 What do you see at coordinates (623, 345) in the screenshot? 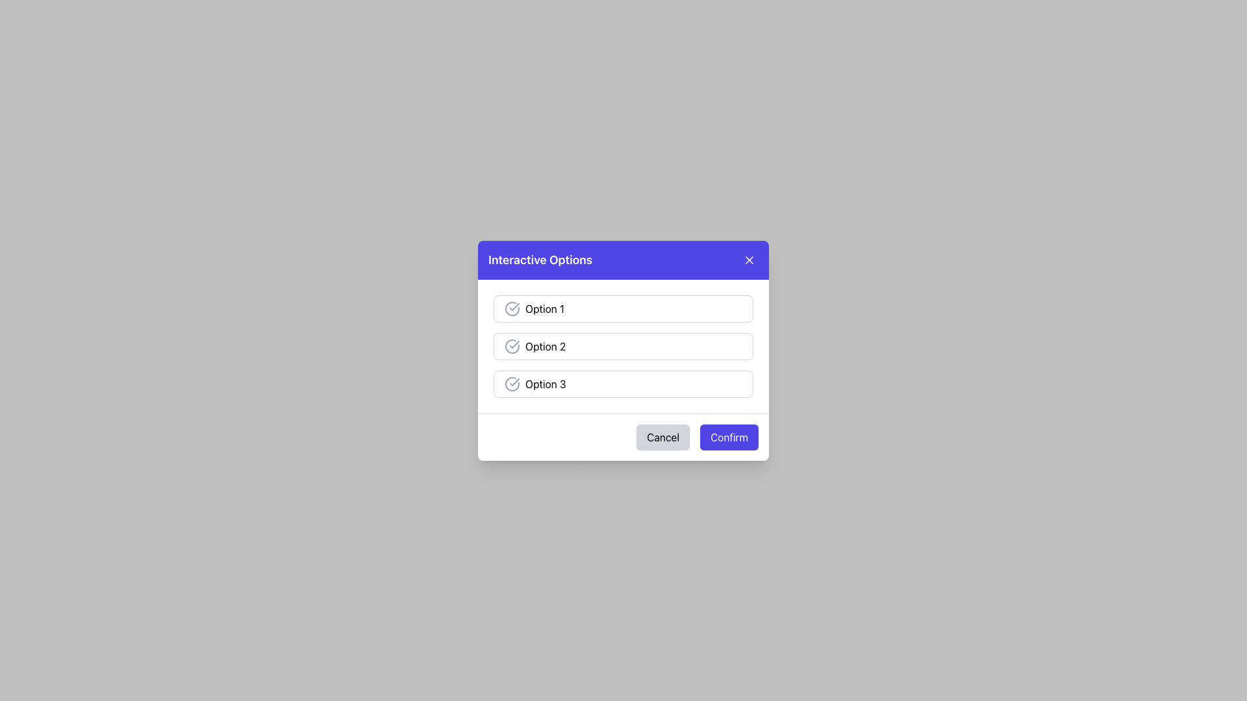
I see `'Option 2' in the selectable list under the 'Interactive Options' title` at bounding box center [623, 345].